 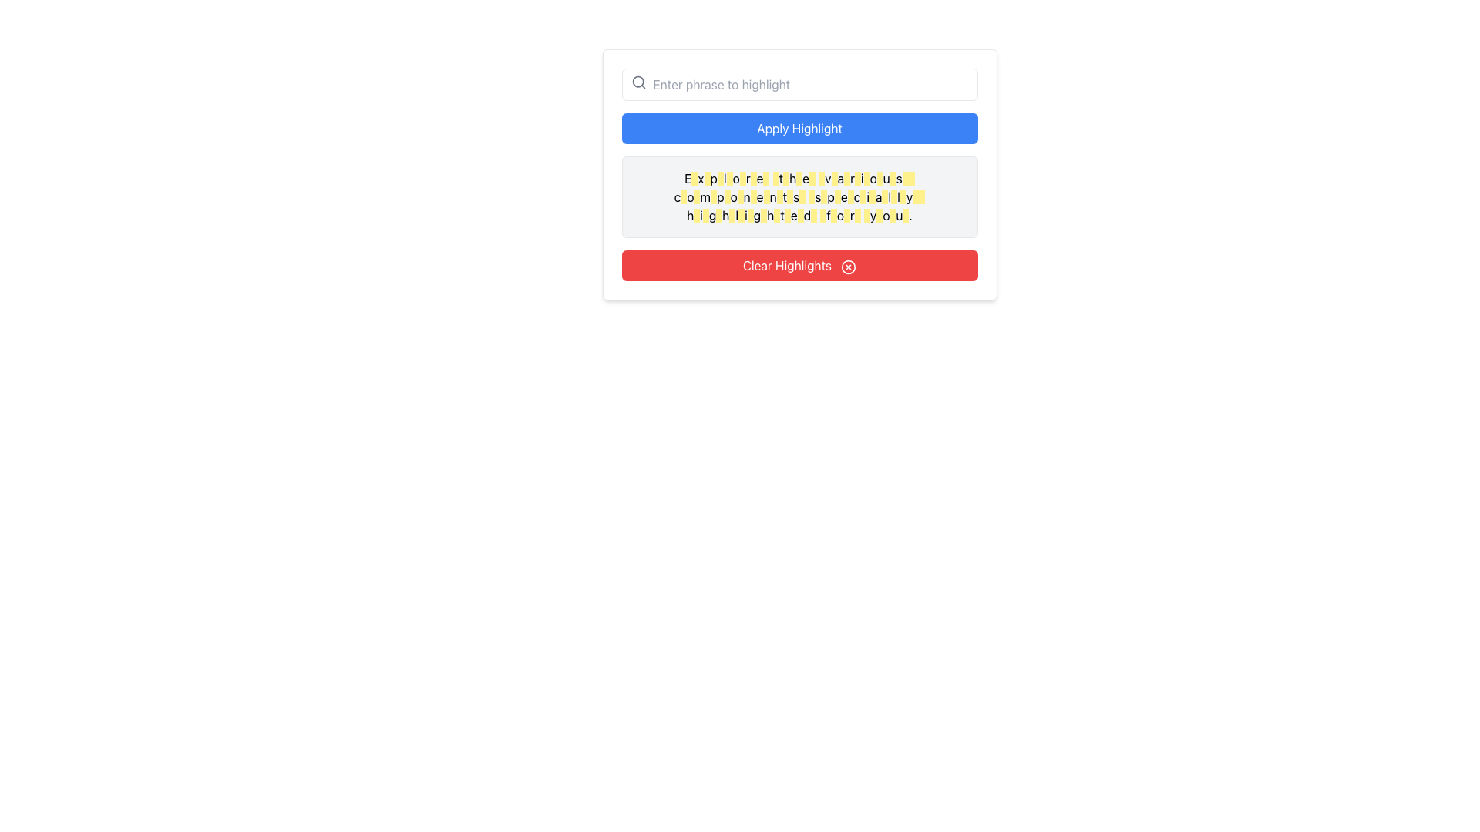 I want to click on the decorative search icon located at the top-left of the input field with the placeholder 'Enter phrase, so click(x=638, y=82).